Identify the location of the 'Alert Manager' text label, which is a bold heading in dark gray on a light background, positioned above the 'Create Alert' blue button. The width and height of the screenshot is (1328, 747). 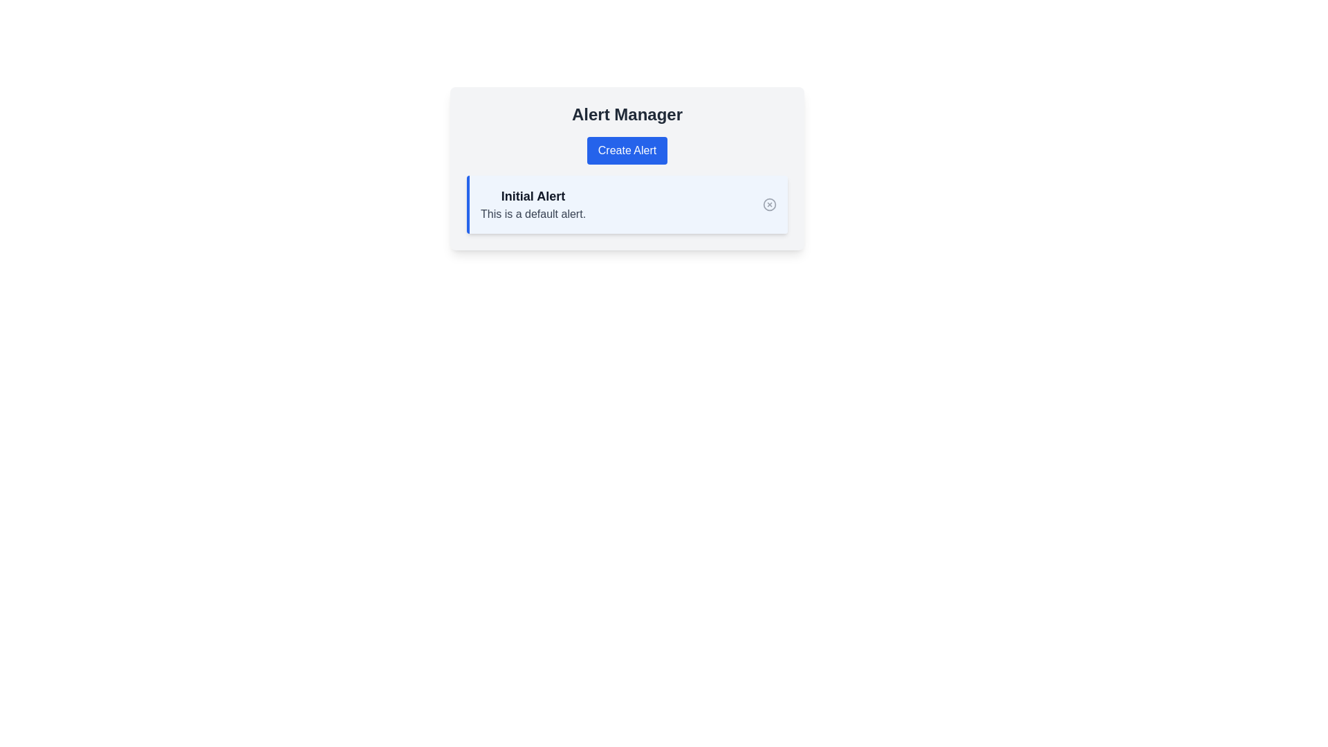
(627, 113).